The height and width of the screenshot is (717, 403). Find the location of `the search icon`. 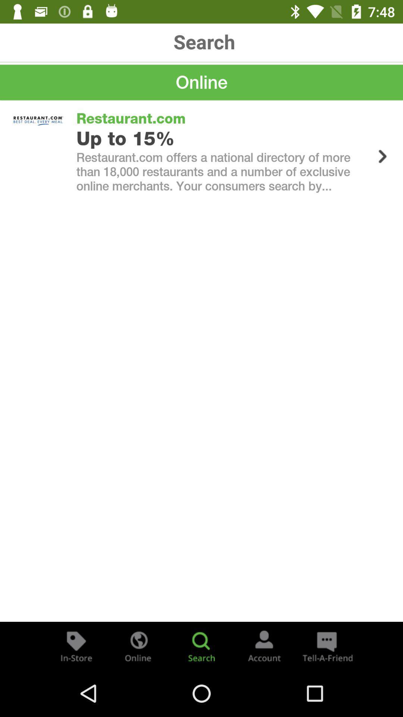

the search icon is located at coordinates (201, 645).